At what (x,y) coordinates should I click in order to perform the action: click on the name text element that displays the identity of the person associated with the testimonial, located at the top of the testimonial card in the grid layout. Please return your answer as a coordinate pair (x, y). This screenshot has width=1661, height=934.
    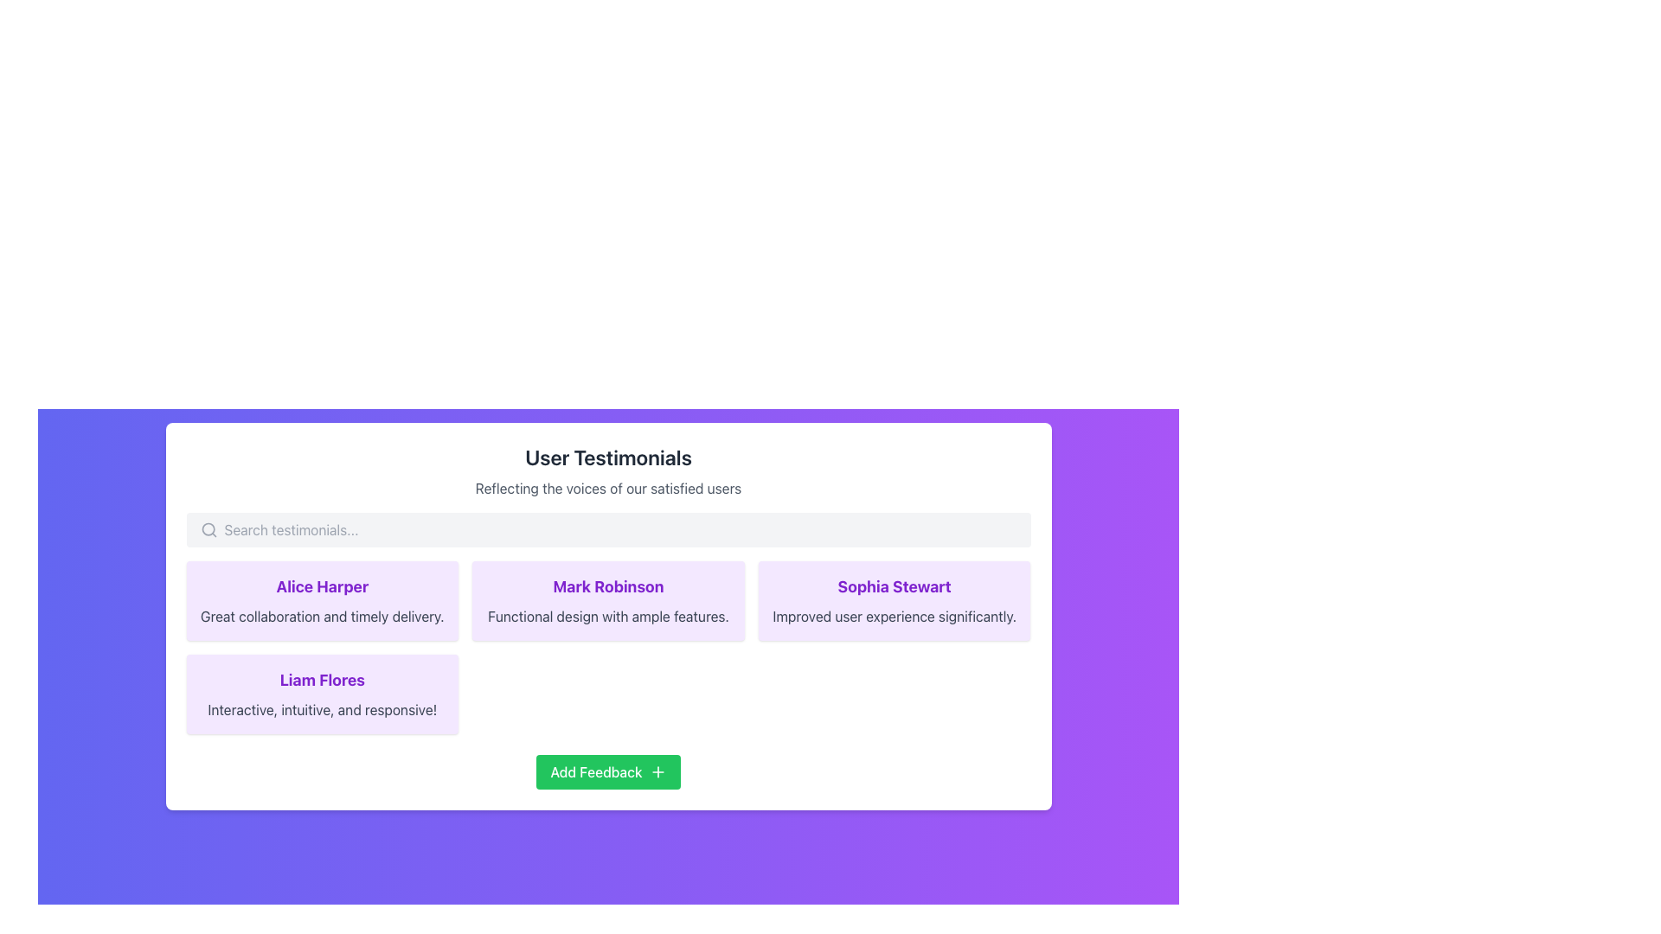
    Looking at the image, I should click on (322, 679).